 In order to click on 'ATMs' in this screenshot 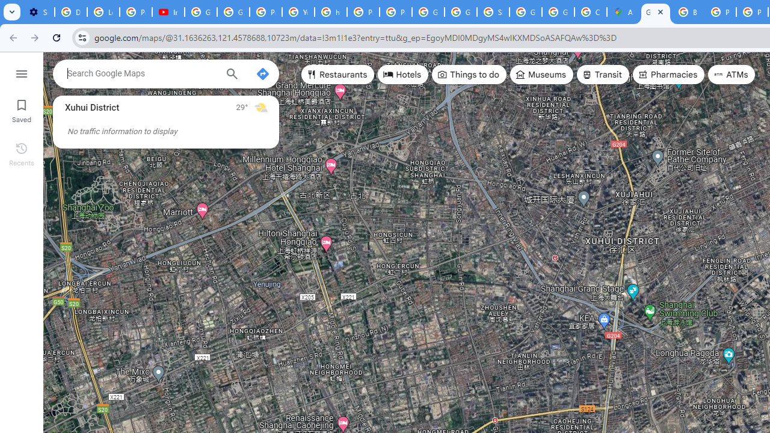, I will do `click(731, 75)`.